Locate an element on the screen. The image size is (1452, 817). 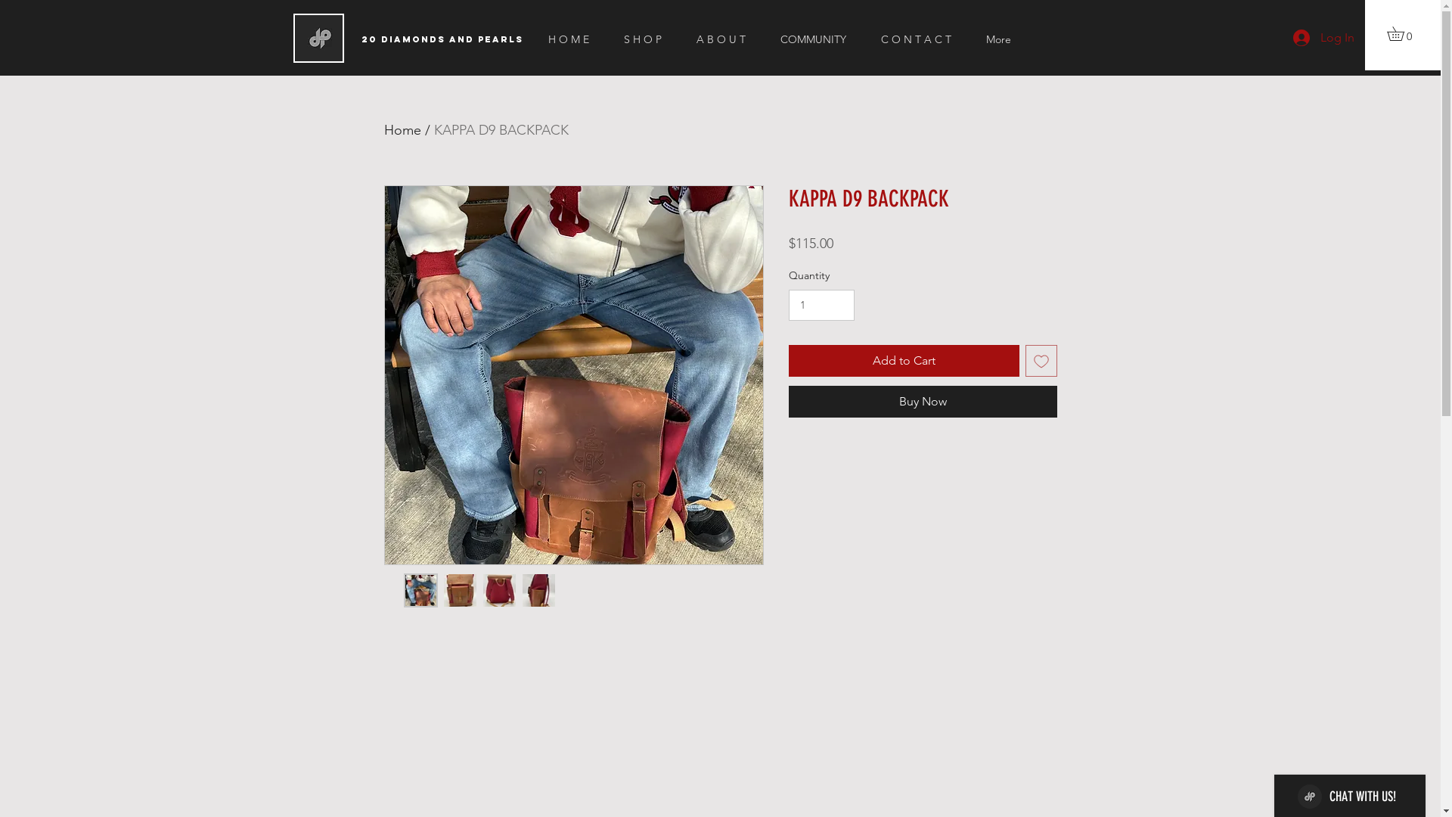
'C O N T A C T' is located at coordinates (921, 38).